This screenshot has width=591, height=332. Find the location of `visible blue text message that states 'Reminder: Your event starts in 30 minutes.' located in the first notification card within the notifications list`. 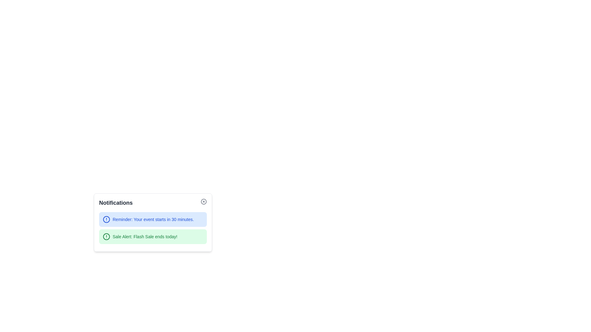

visible blue text message that states 'Reminder: Your event starts in 30 minutes.' located in the first notification card within the notifications list is located at coordinates (153, 219).